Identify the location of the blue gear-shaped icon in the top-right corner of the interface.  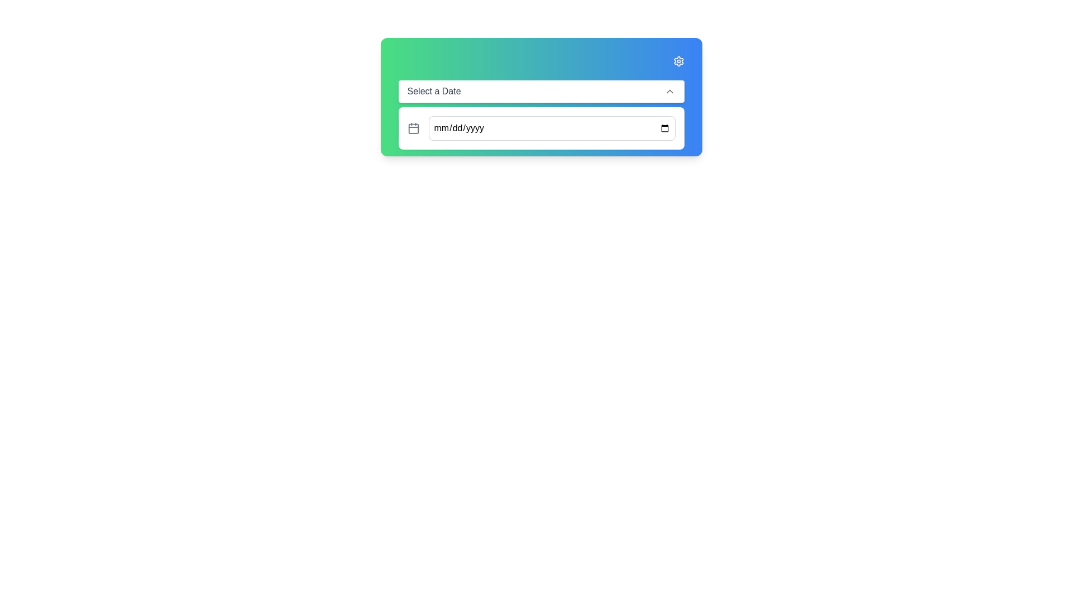
(678, 61).